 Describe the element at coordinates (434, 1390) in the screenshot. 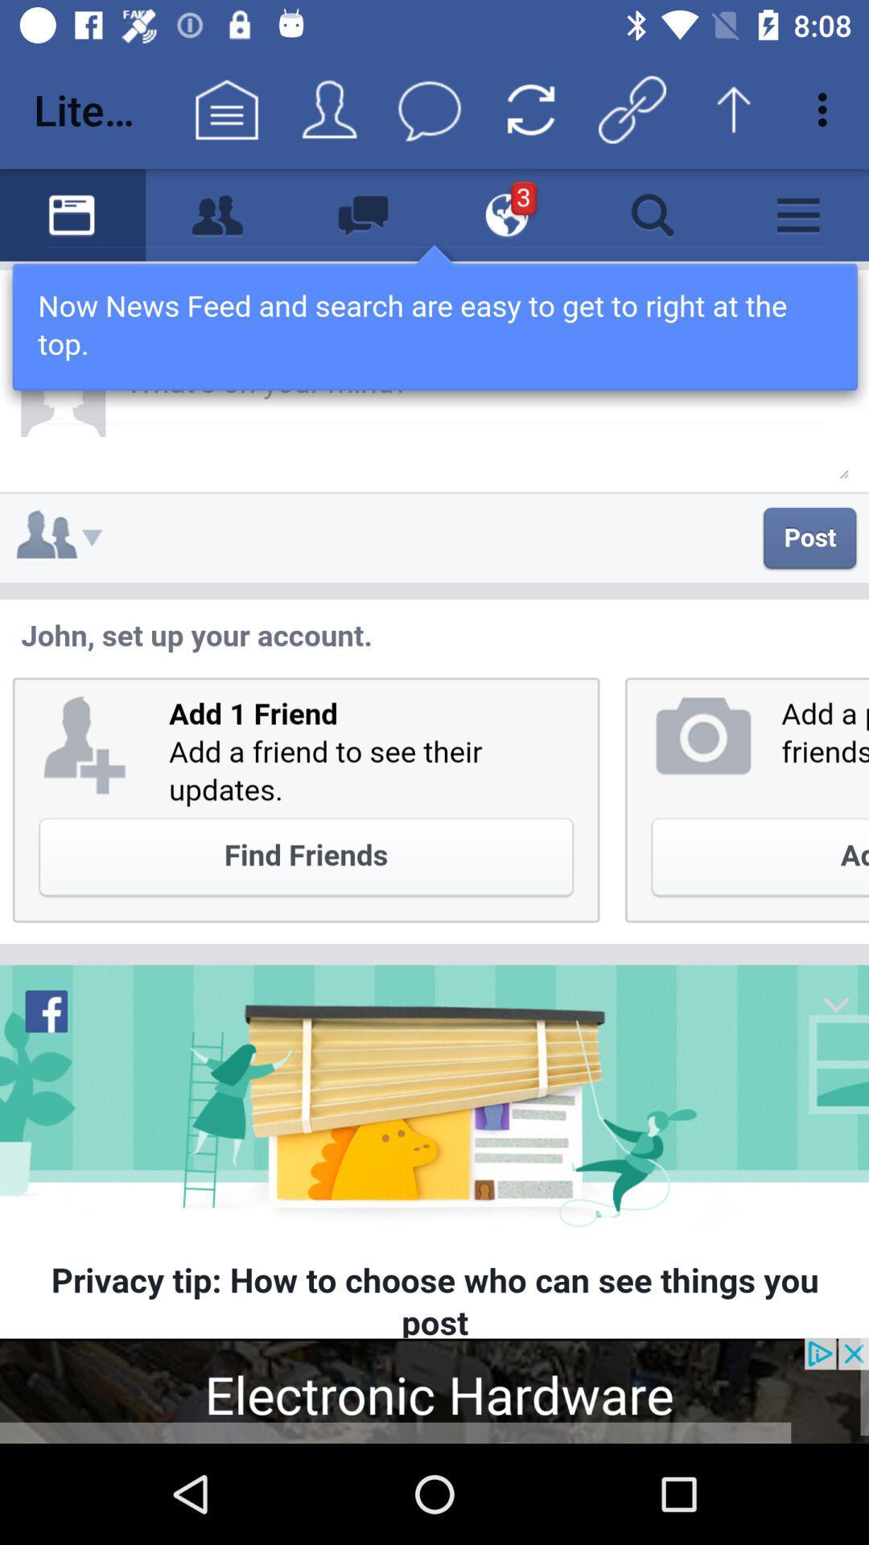

I see `advertisement electronic hardware` at that location.